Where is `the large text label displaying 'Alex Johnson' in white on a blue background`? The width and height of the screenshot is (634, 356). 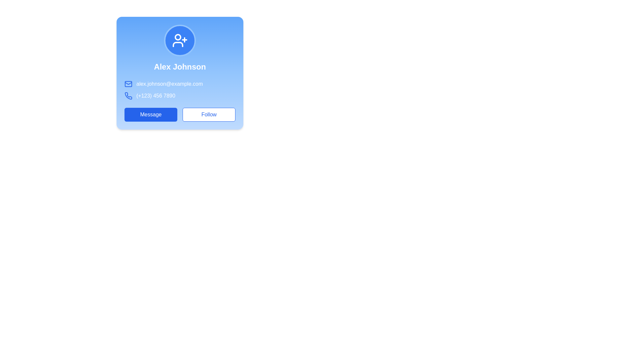 the large text label displaying 'Alex Johnson' in white on a blue background is located at coordinates (180, 67).